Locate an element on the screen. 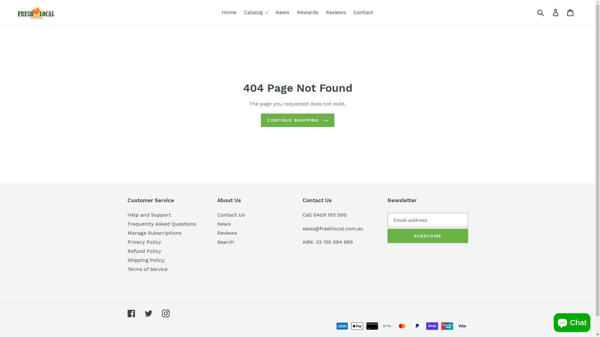  'Log in' is located at coordinates (556, 12).